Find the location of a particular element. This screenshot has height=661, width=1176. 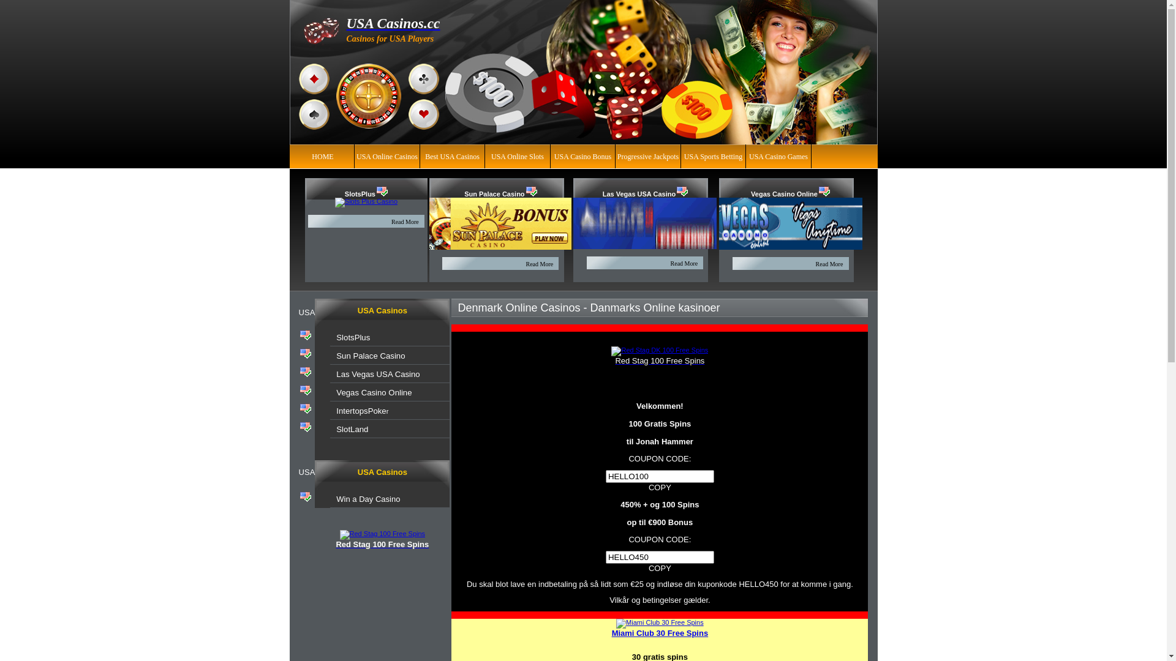

'USA Online Casinos' is located at coordinates (355, 155).